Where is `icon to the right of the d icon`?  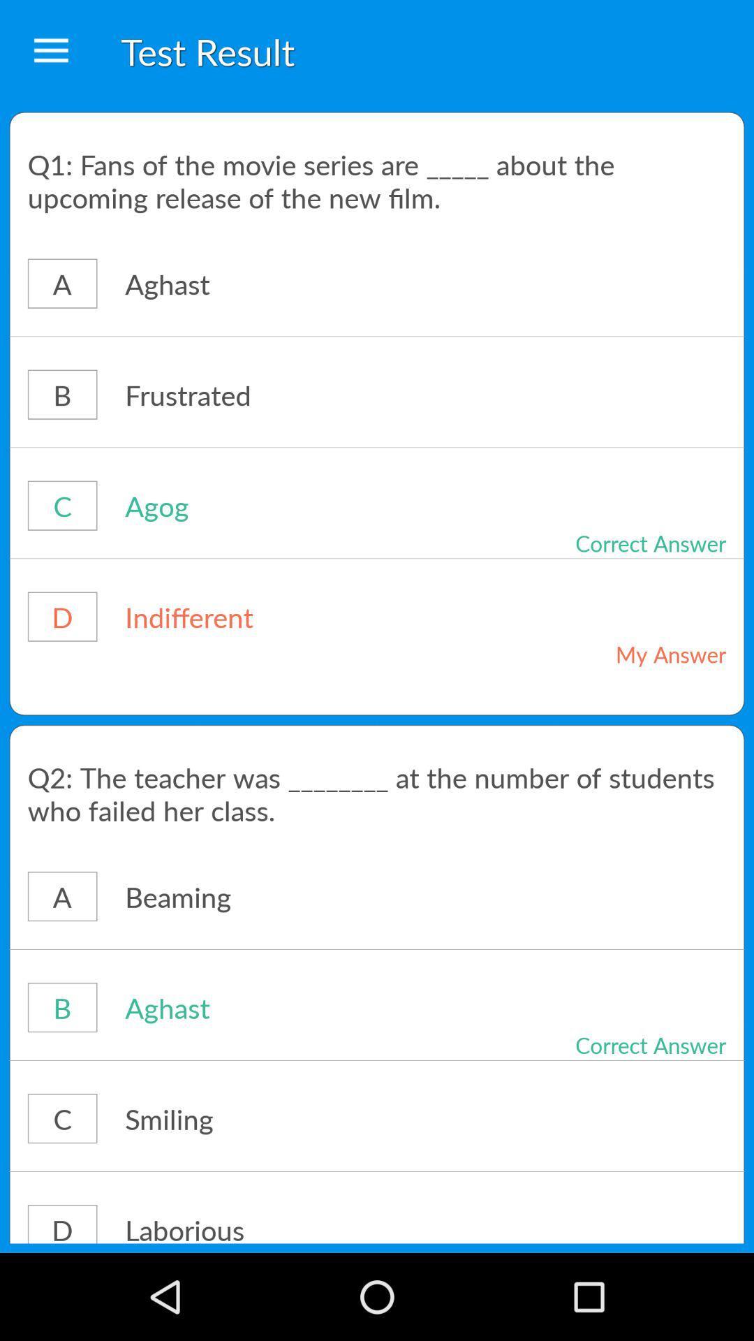 icon to the right of the d icon is located at coordinates (288, 616).